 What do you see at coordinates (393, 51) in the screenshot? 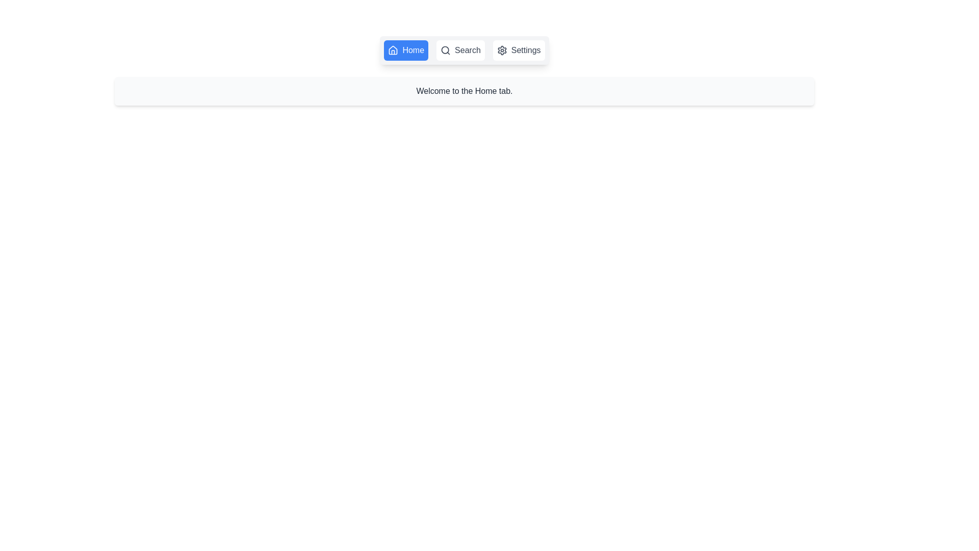
I see `the house outline icon located on the left side of the navigation bar within the 'Home' button` at bounding box center [393, 51].